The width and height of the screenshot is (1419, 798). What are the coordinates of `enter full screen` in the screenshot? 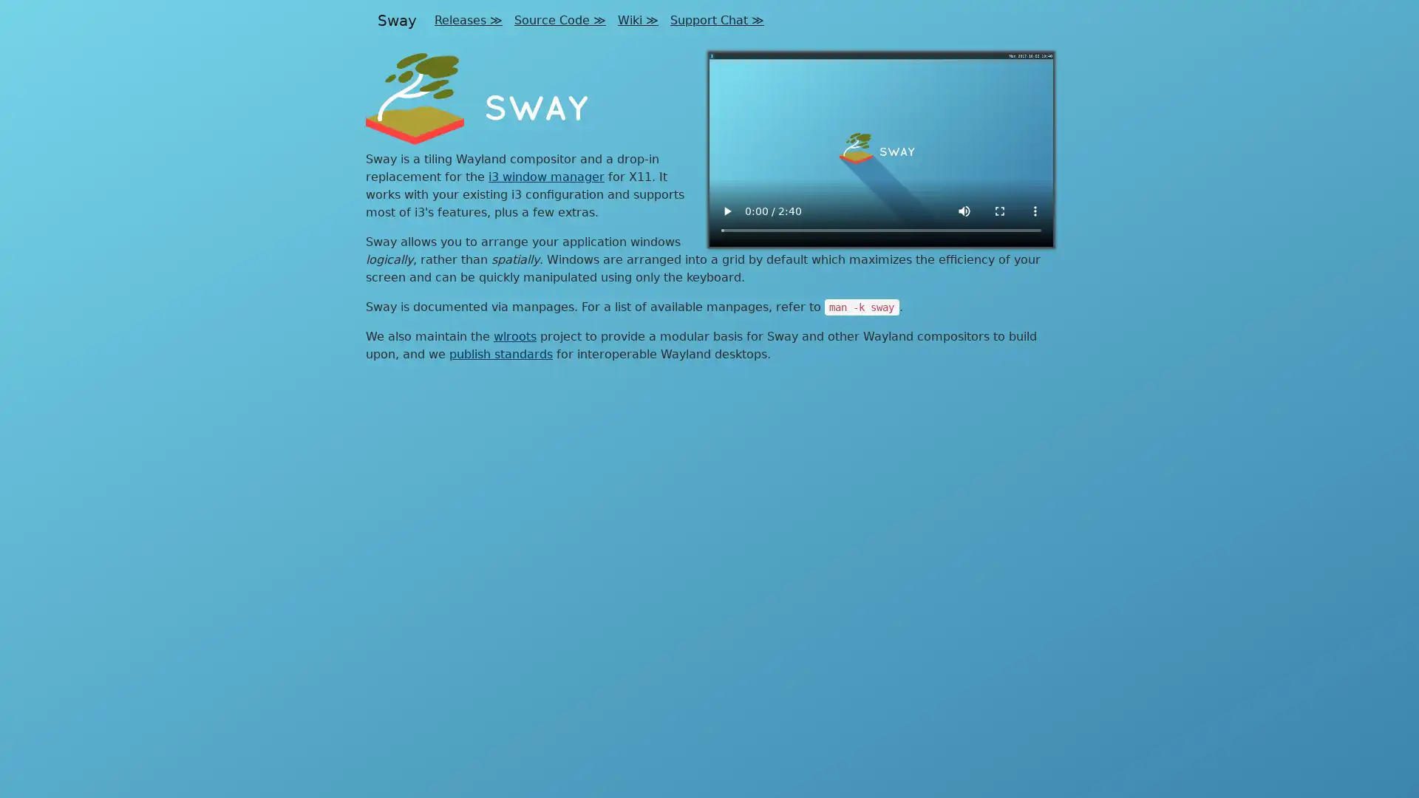 It's located at (1000, 211).